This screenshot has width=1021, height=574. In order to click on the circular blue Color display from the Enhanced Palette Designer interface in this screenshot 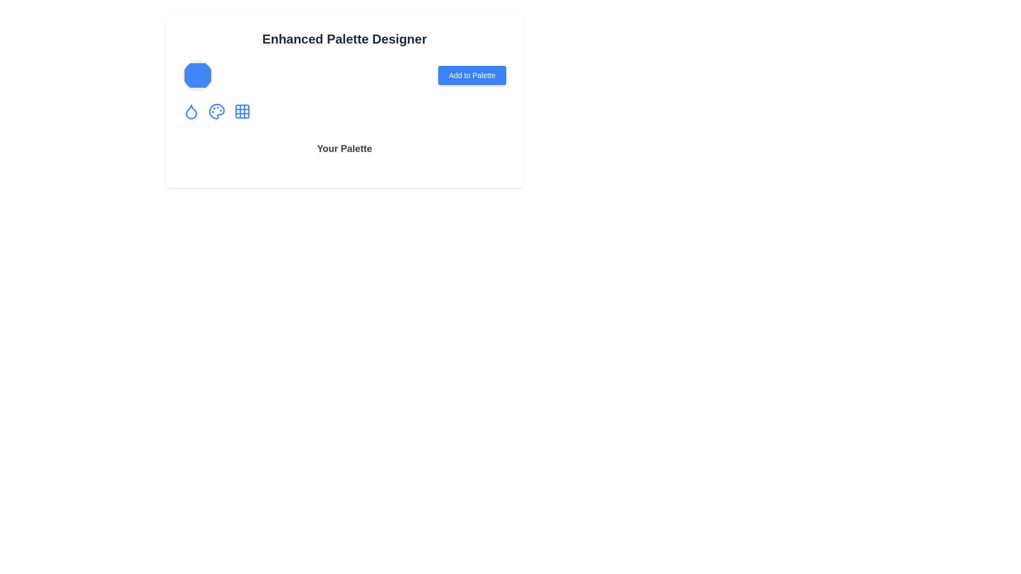, I will do `click(198, 75)`.